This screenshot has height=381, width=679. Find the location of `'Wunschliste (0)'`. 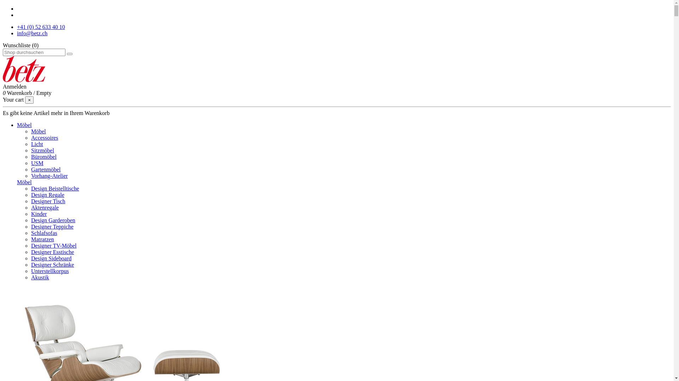

'Wunschliste (0)' is located at coordinates (21, 45).